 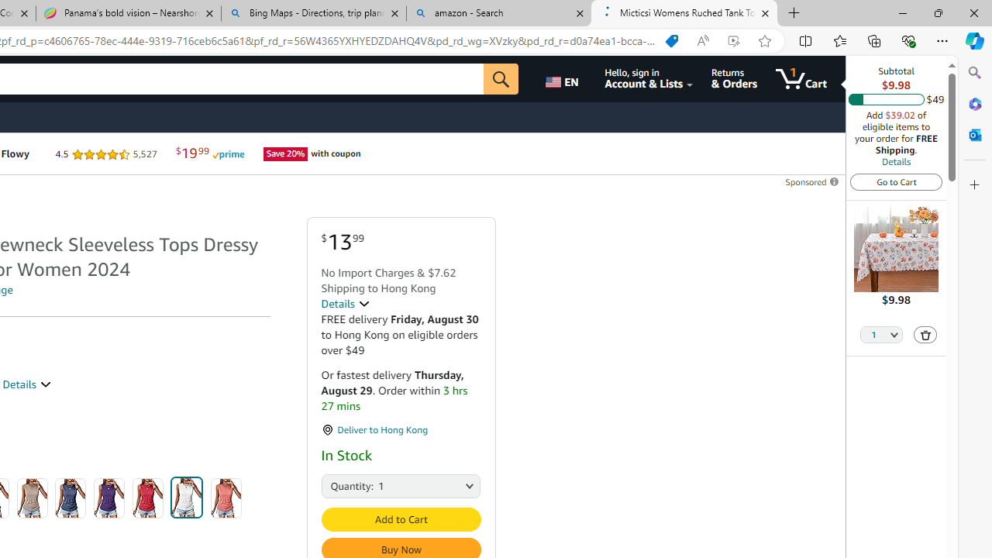 I want to click on 'Khaki', so click(x=32, y=498).